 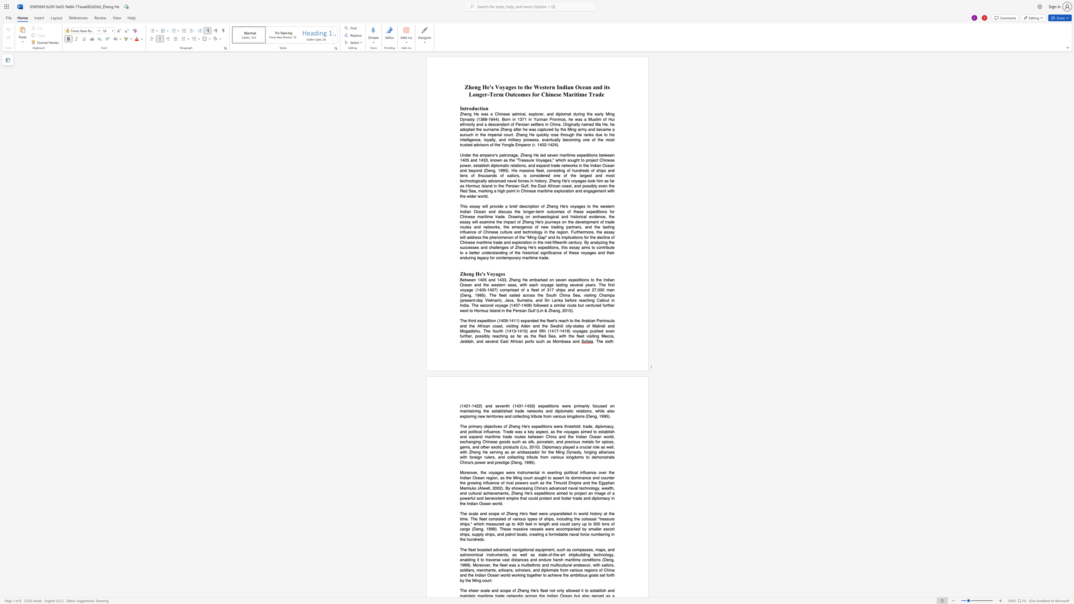 What do you see at coordinates (485, 108) in the screenshot?
I see `the space between the continuous character "o" and "n" in the text` at bounding box center [485, 108].